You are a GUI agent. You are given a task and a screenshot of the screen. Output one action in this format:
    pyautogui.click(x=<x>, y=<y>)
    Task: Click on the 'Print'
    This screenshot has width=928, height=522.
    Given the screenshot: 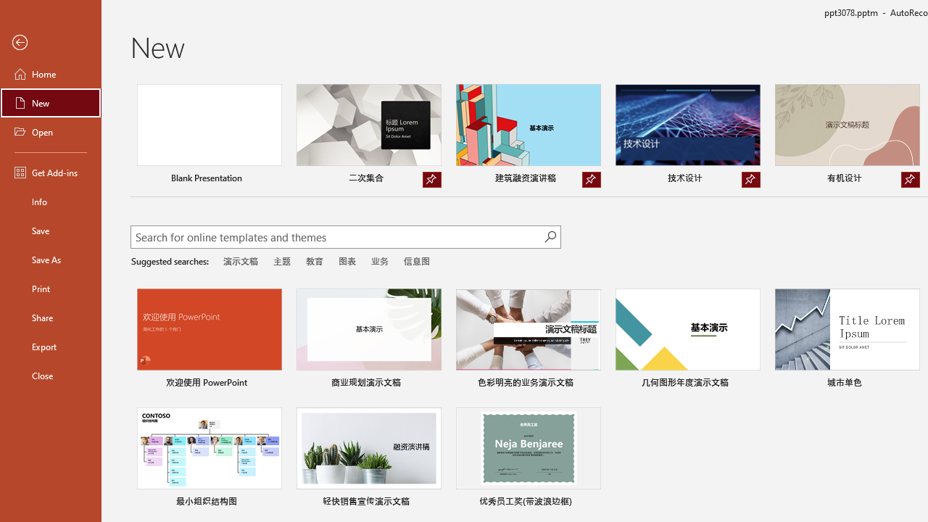 What is the action you would take?
    pyautogui.click(x=50, y=289)
    